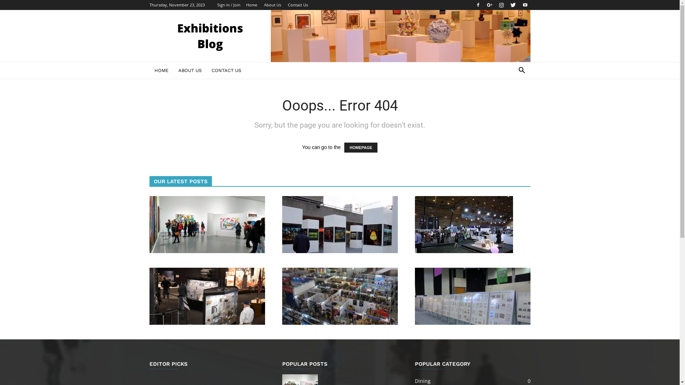 This screenshot has width=685, height=385. Describe the element at coordinates (501, 5) in the screenshot. I see `'Instagram'` at that location.